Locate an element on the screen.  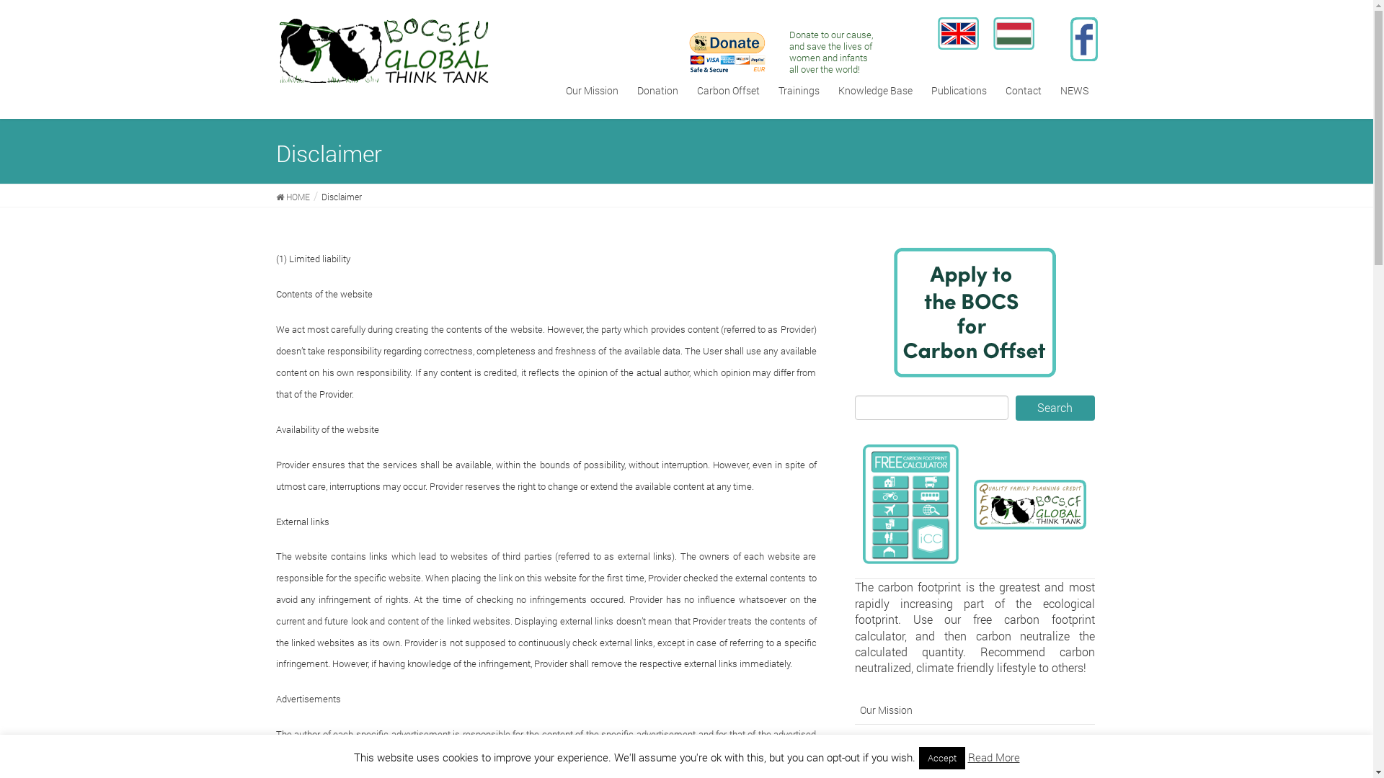
'Carbon Footprint Calculator - BOCS.CF' is located at coordinates (862, 503).